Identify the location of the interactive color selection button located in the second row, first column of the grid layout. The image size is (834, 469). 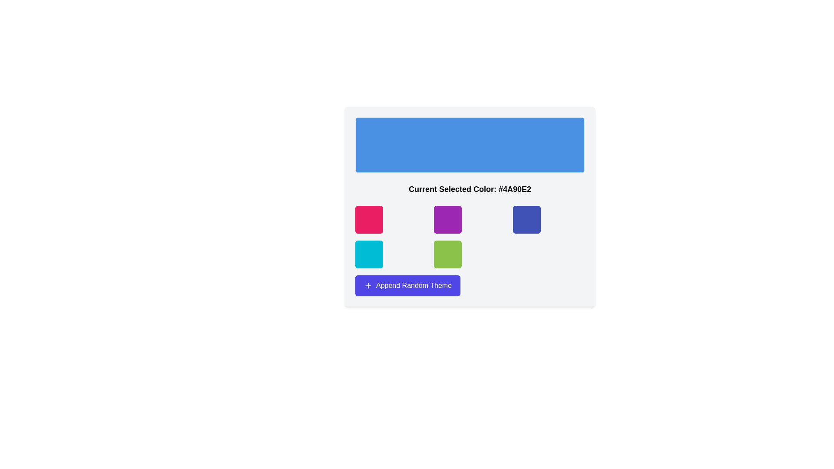
(369, 254).